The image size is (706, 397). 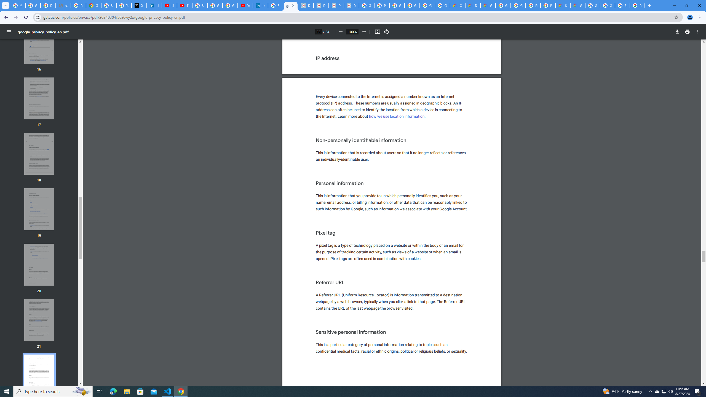 What do you see at coordinates (154, 5) in the screenshot?
I see `'LinkedIn Privacy Policy'` at bounding box center [154, 5].